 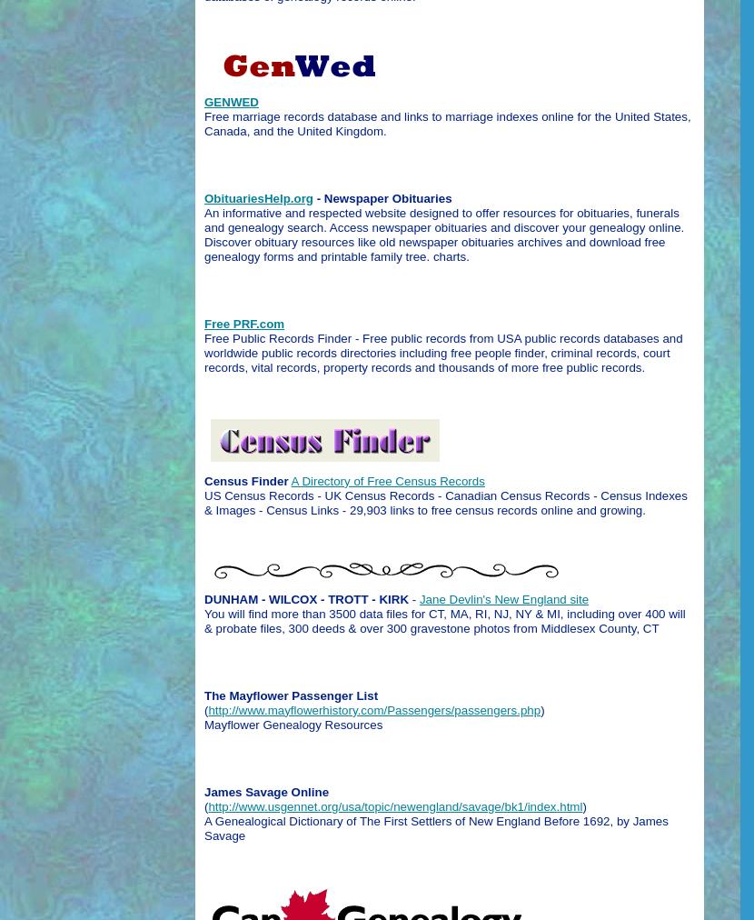 I want to click on '- Newspaper Obituaries', so click(x=382, y=197).